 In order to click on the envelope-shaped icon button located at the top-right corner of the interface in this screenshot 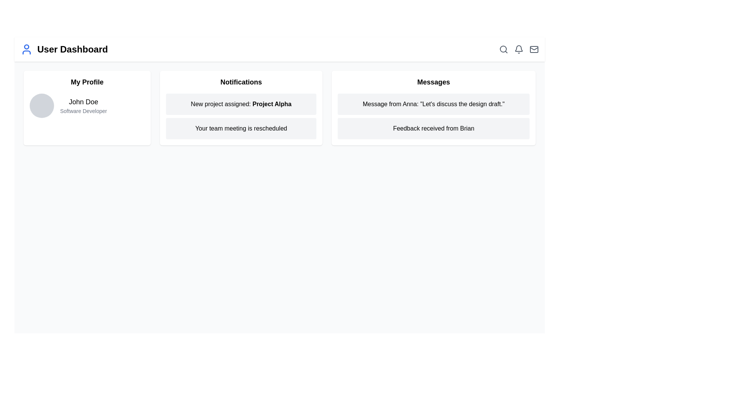, I will do `click(533, 49)`.